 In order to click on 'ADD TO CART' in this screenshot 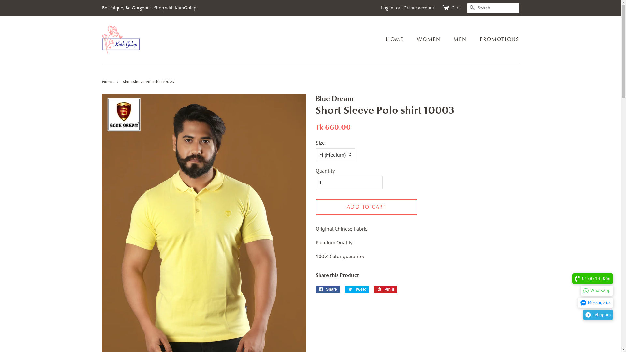, I will do `click(366, 207)`.